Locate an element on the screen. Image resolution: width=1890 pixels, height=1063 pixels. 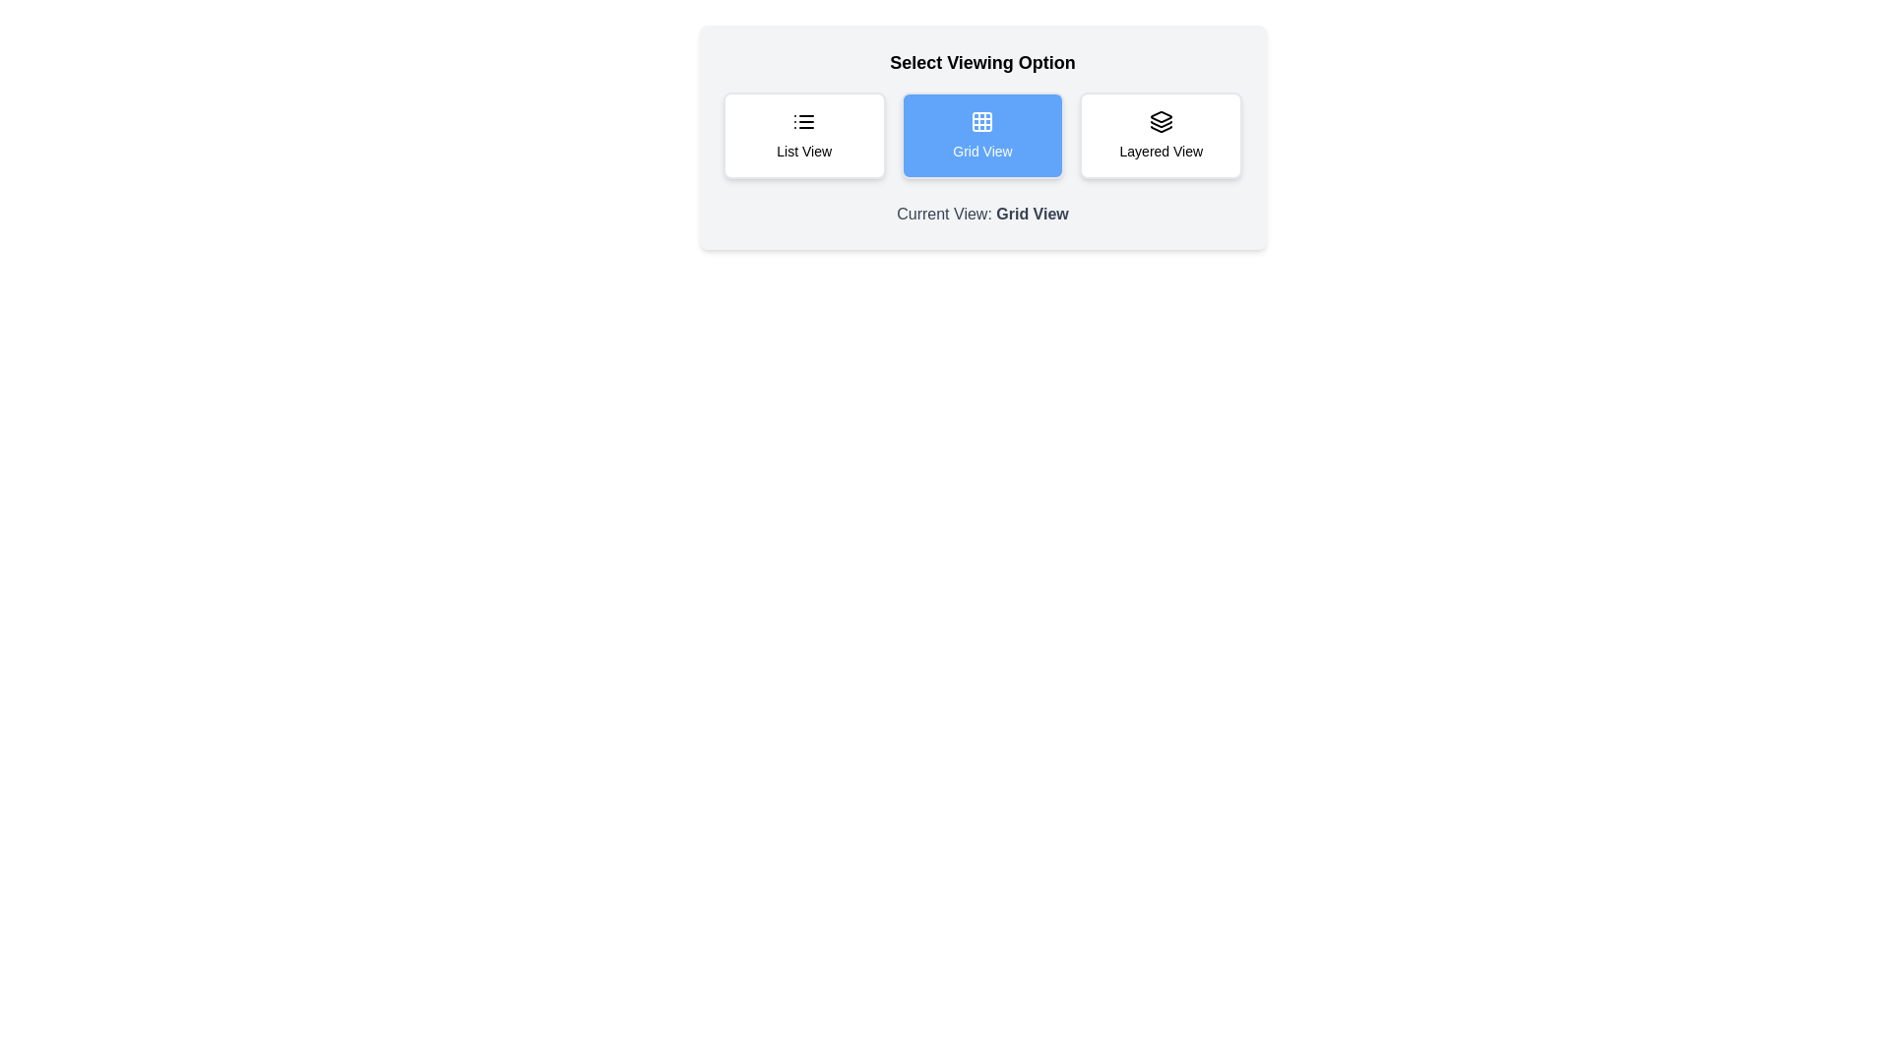
the 'Grid View' button, which has a blue background and white text, located centrally between the 'List View' and 'Layered View' buttons under the 'Select Viewing Option' heading is located at coordinates (982, 135).